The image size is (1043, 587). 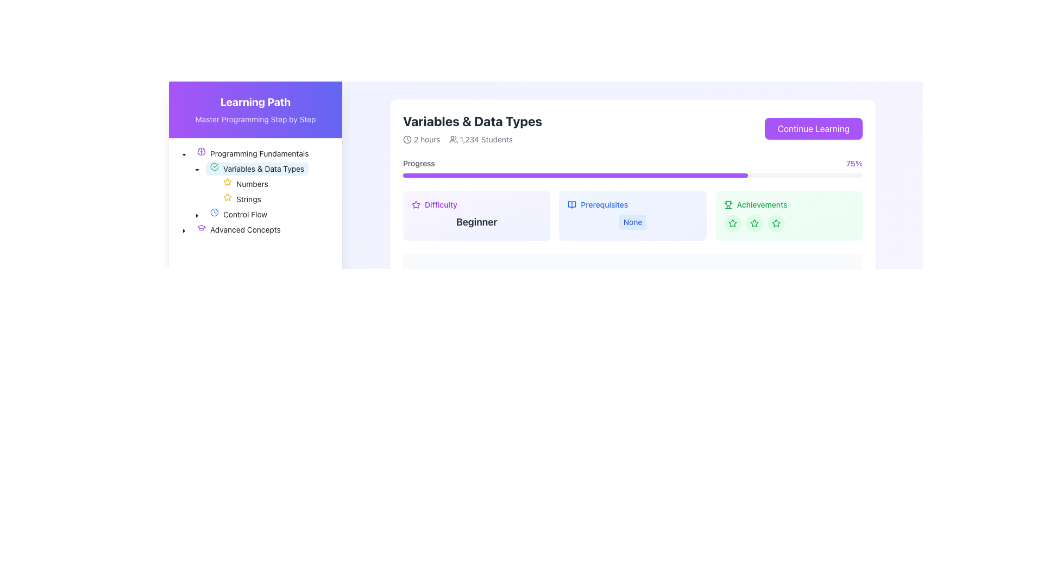 What do you see at coordinates (633, 216) in the screenshot?
I see `the informational section displaying prerequisite details labeled as 'None', which is centrally positioned between the 'Difficulty' and 'Achievements' sections` at bounding box center [633, 216].